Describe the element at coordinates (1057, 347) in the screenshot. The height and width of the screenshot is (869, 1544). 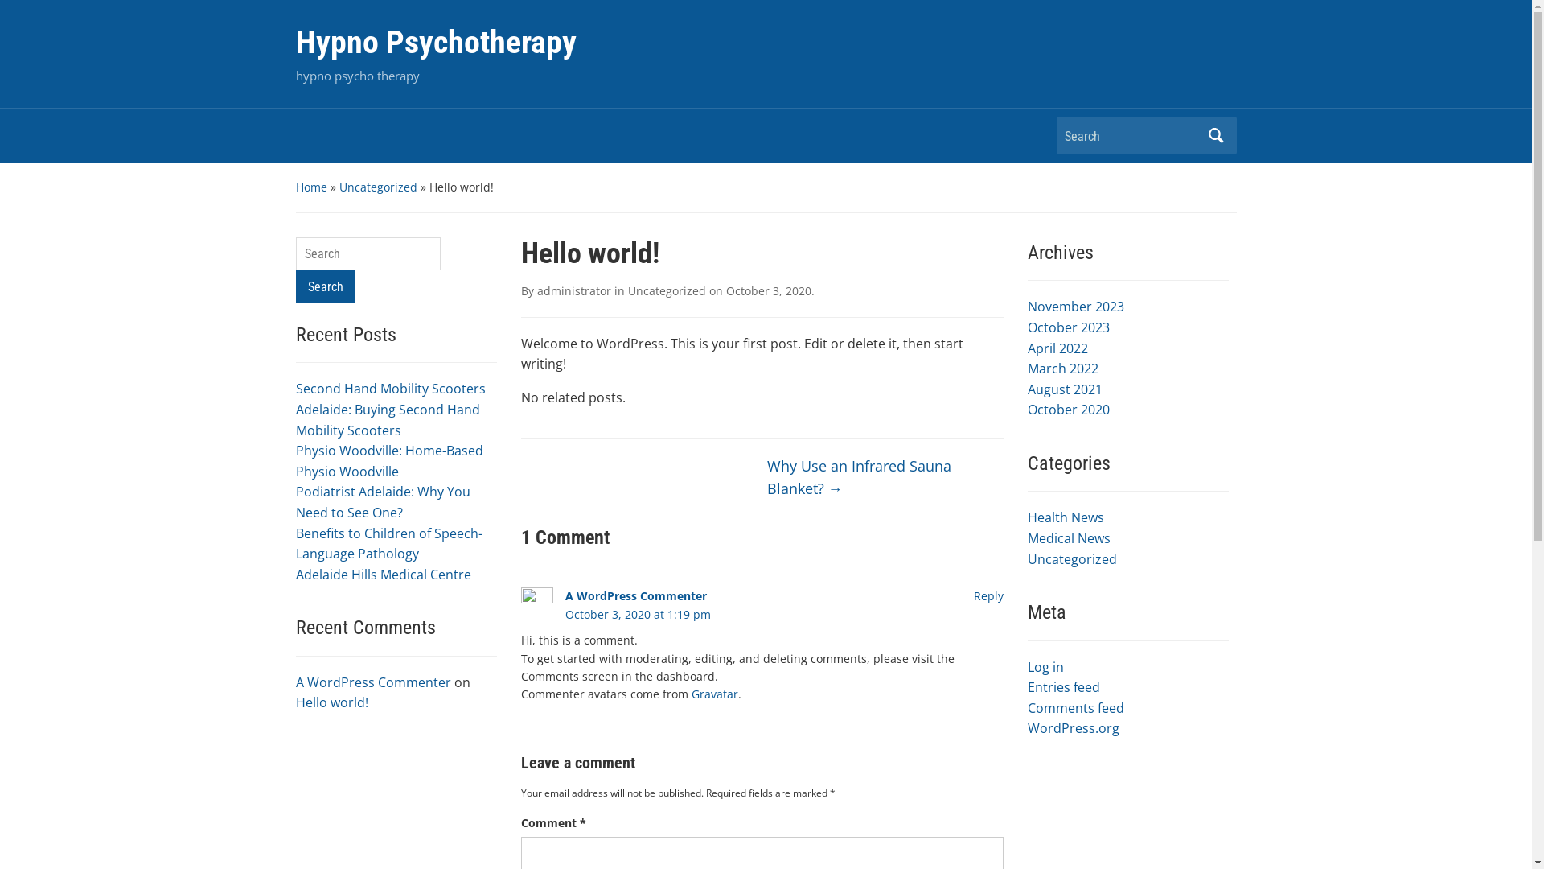
I see `'April 2022'` at that location.